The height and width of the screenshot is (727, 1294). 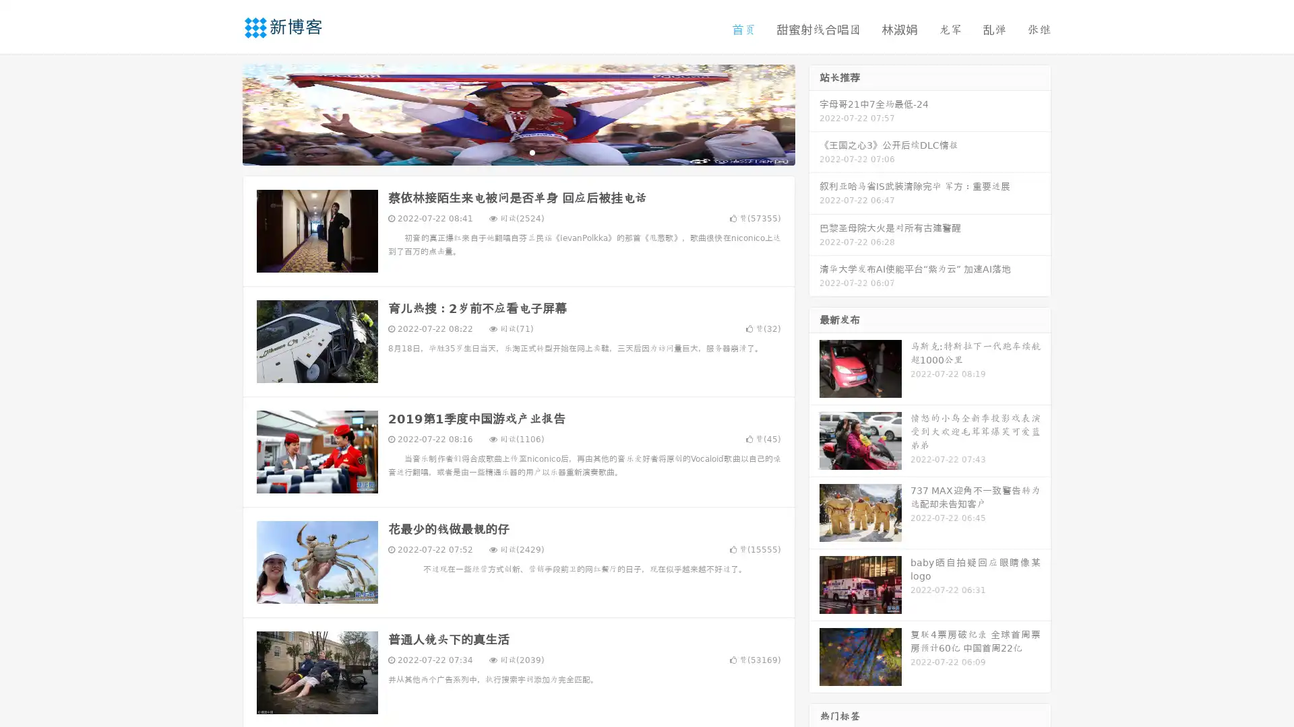 I want to click on Next slide, so click(x=814, y=113).